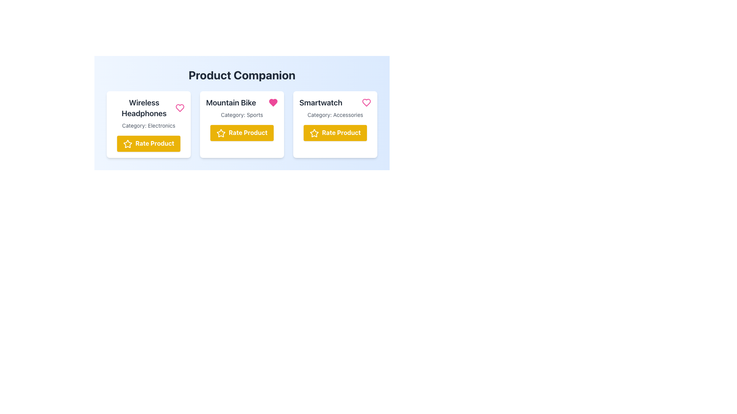  Describe the element at coordinates (273, 102) in the screenshot. I see `the pink heart-shaped interactive icon located to the right of the 'Mountain Bike' text` at that location.